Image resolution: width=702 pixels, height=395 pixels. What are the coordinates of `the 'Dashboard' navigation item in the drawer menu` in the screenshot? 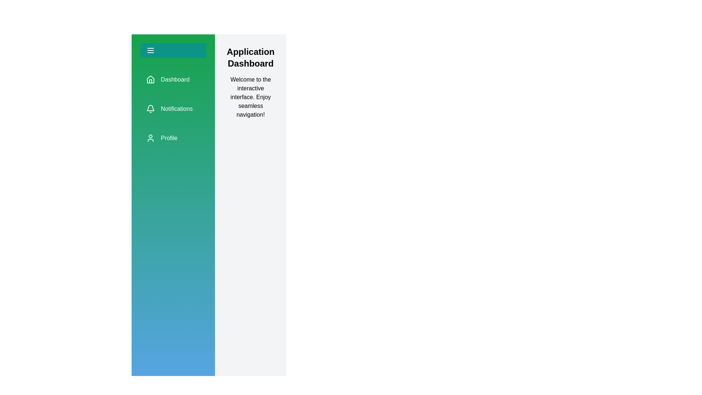 It's located at (173, 80).